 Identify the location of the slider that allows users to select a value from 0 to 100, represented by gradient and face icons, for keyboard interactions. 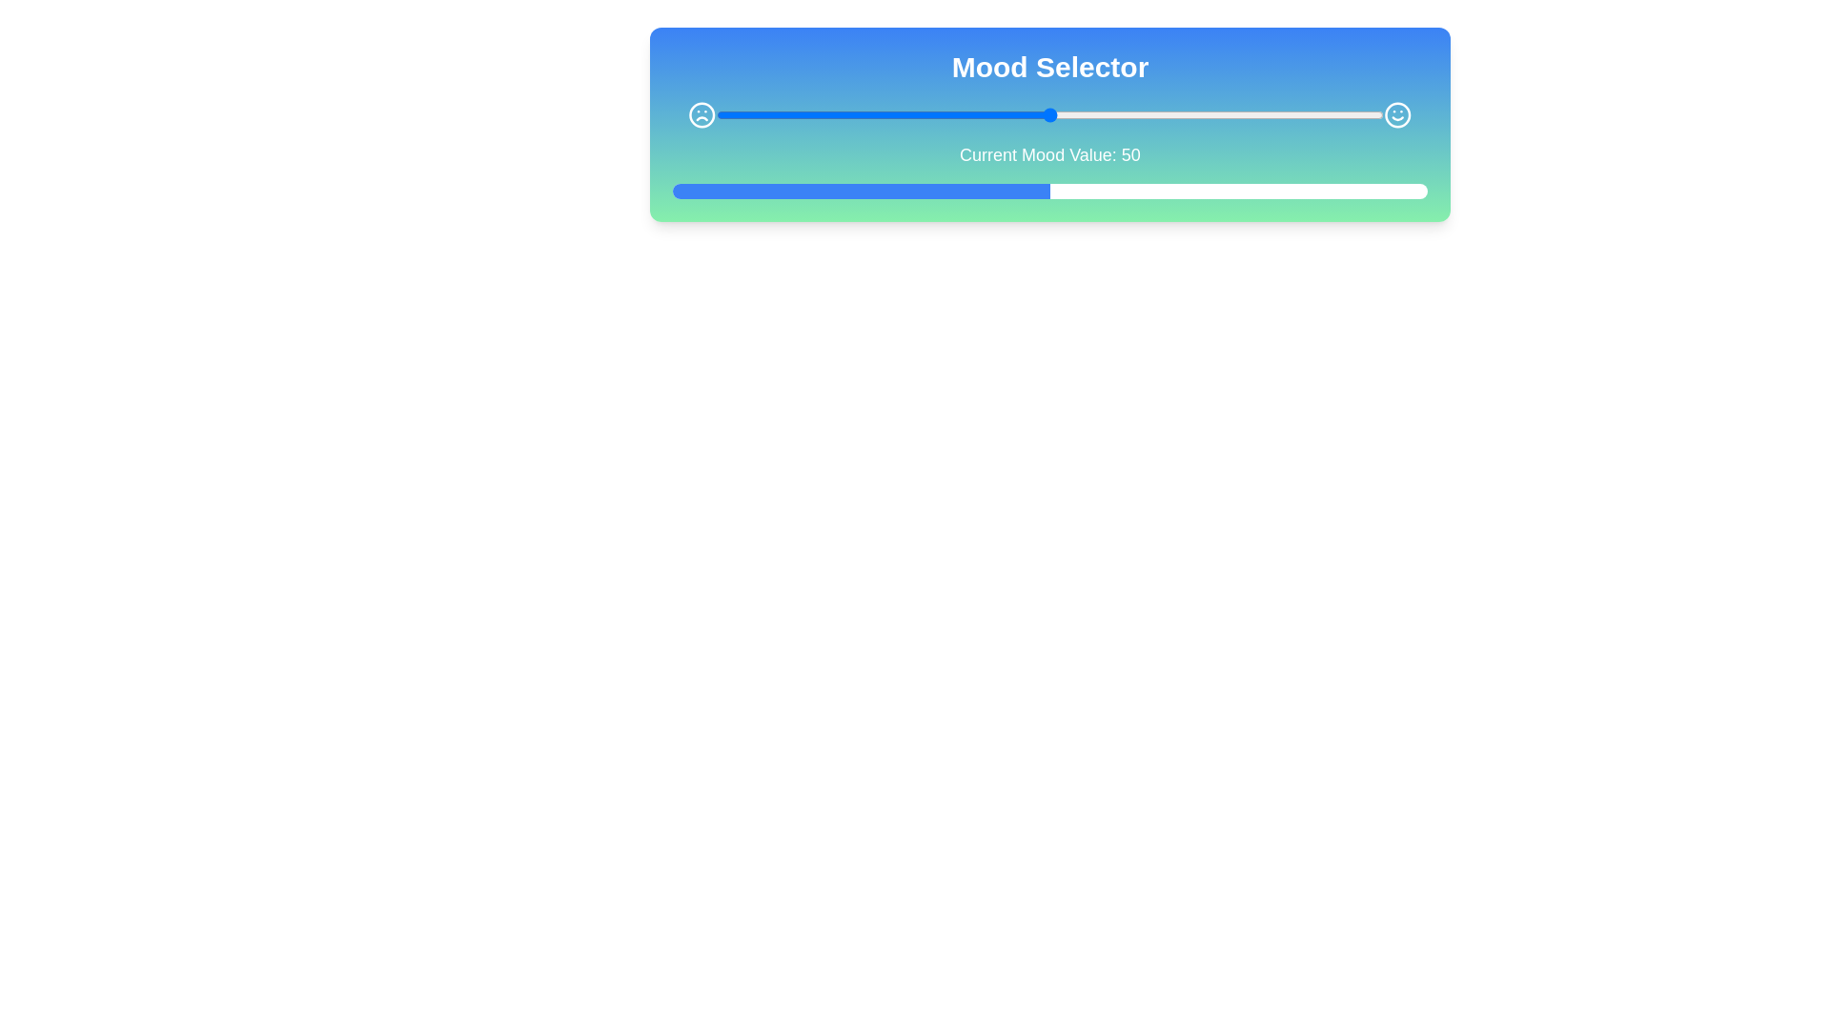
(1049, 114).